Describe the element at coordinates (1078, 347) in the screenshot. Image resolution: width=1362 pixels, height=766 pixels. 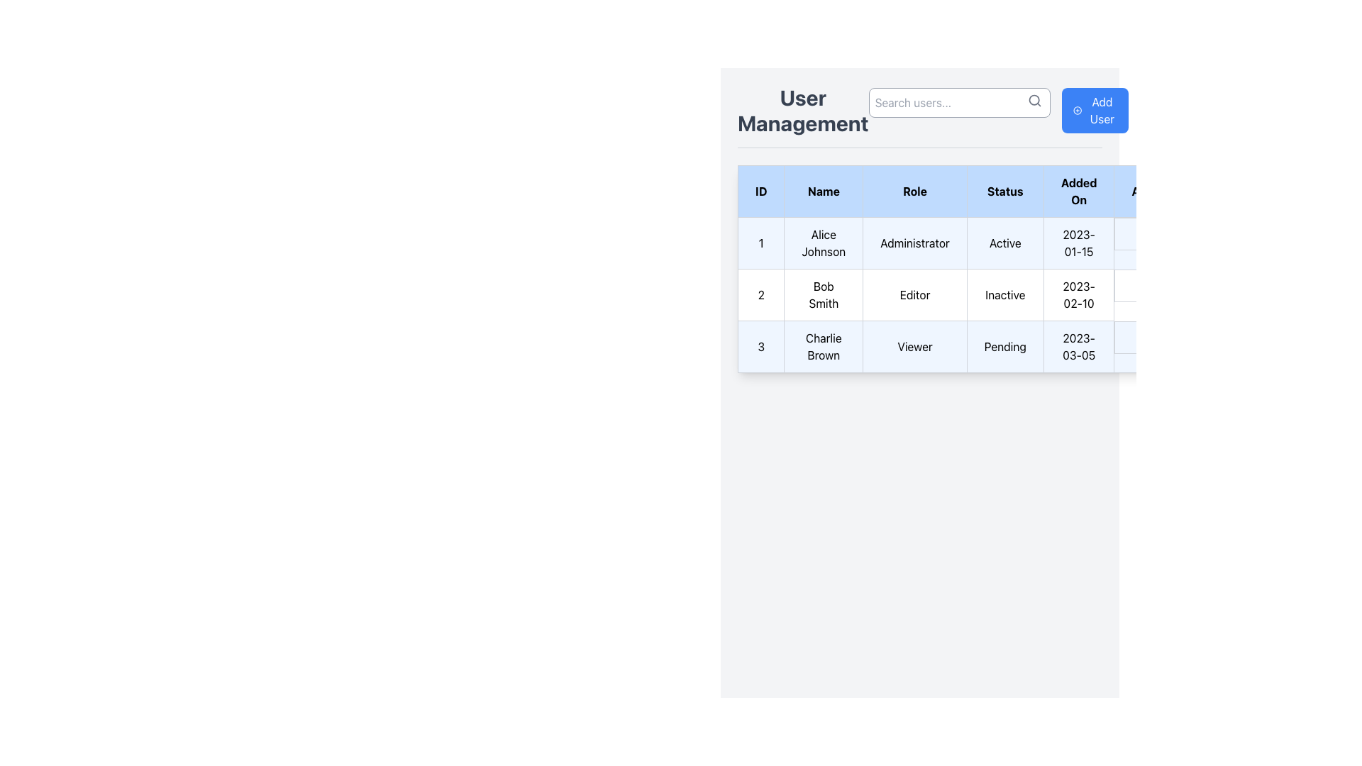
I see `the 'Added On' date cell for the 'Charlie Brown' row in the 'User Management' table, which is the fifth cell in the third row` at that location.